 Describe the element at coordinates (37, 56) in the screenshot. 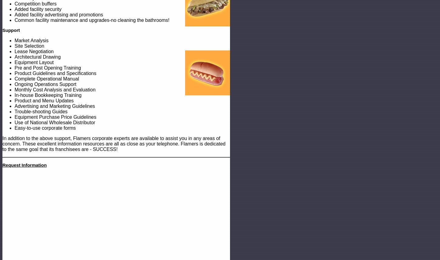

I see `'Architectural Drawing'` at that location.